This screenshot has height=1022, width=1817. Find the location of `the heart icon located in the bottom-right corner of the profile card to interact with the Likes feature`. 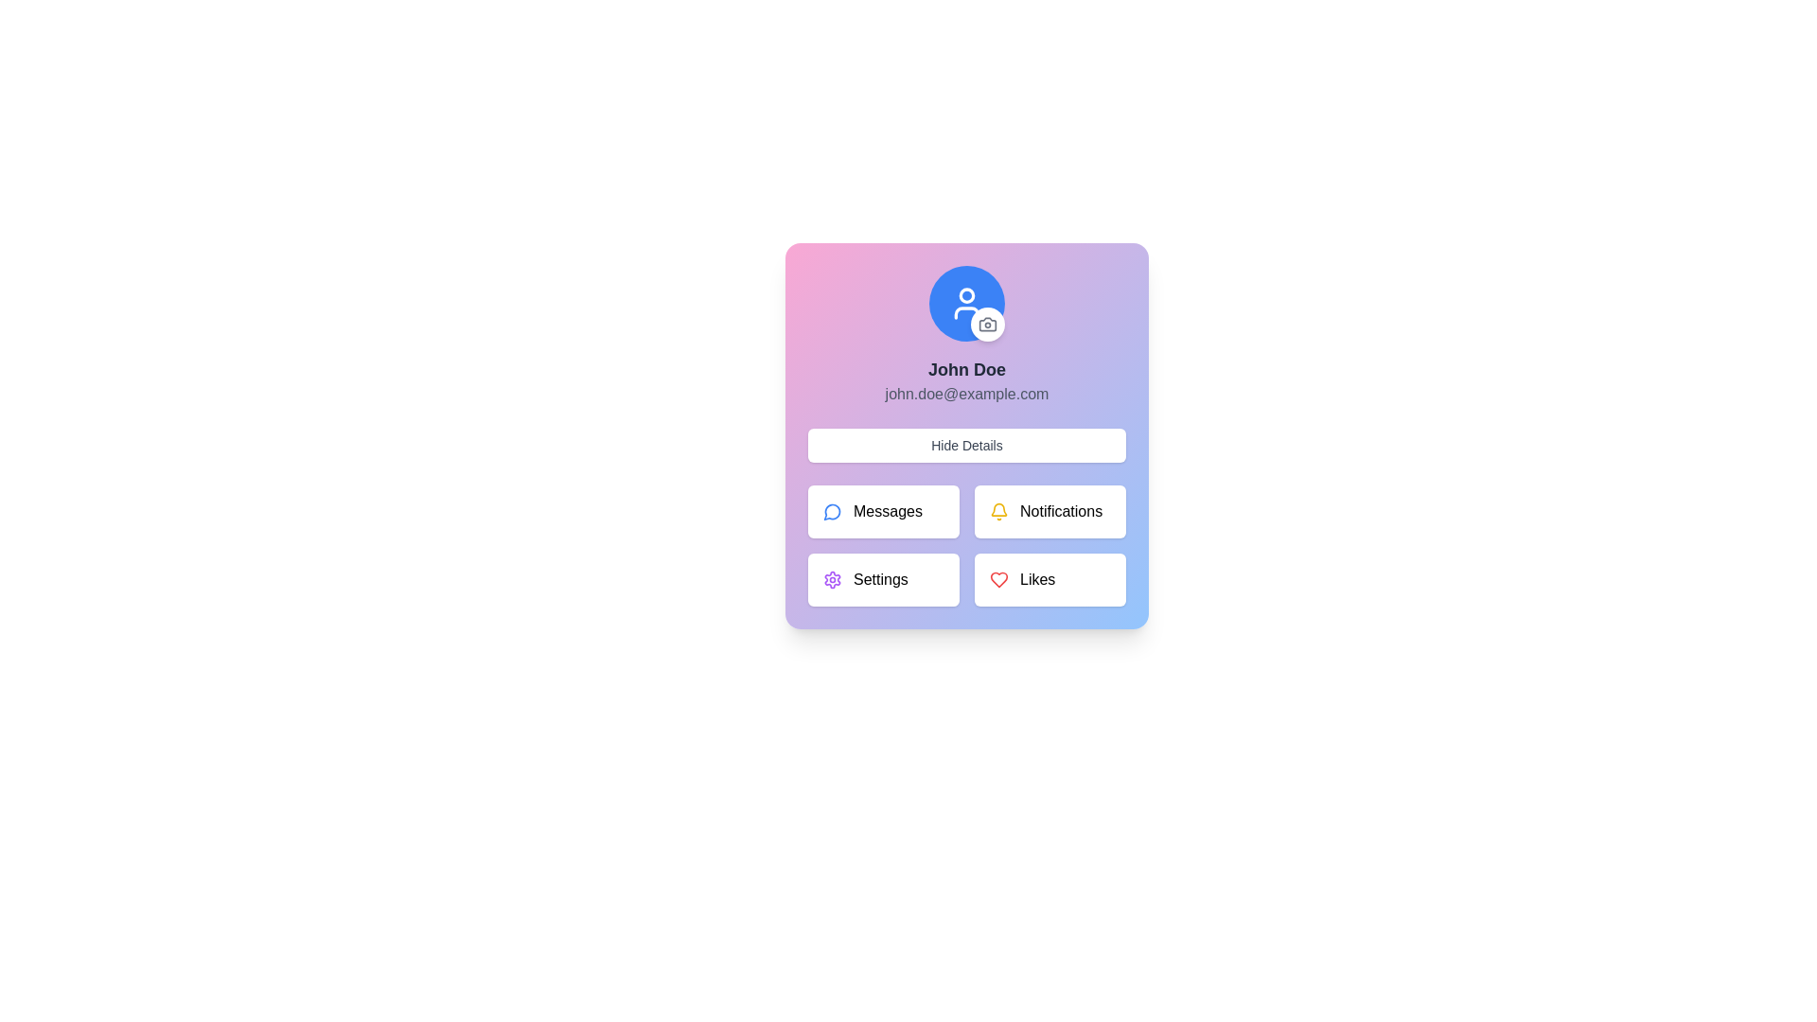

the heart icon located in the bottom-right corner of the profile card to interact with the Likes feature is located at coordinates (998, 579).